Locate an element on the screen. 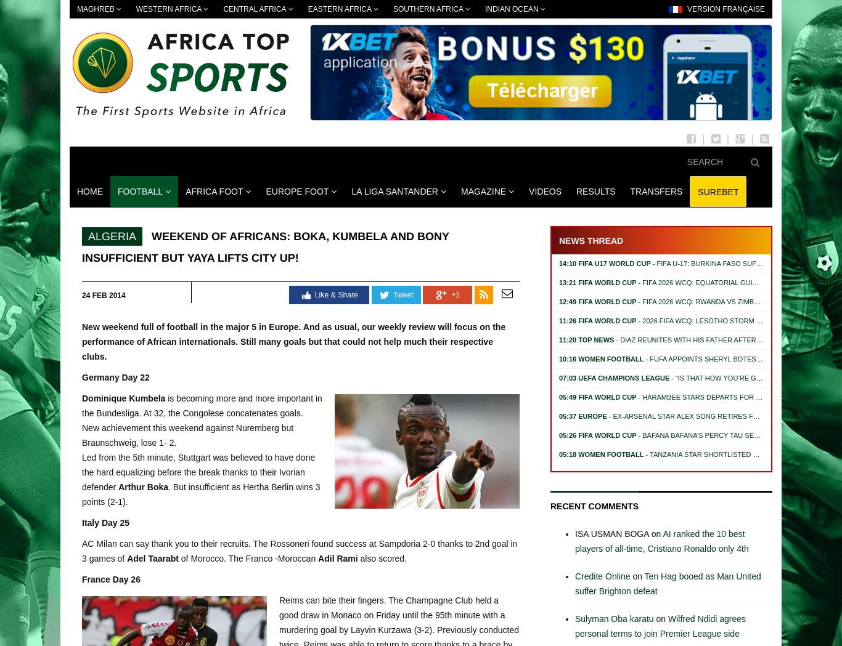 This screenshot has width=842, height=646. 'of Morocco. The Franco -Moroccan' is located at coordinates (247, 557).